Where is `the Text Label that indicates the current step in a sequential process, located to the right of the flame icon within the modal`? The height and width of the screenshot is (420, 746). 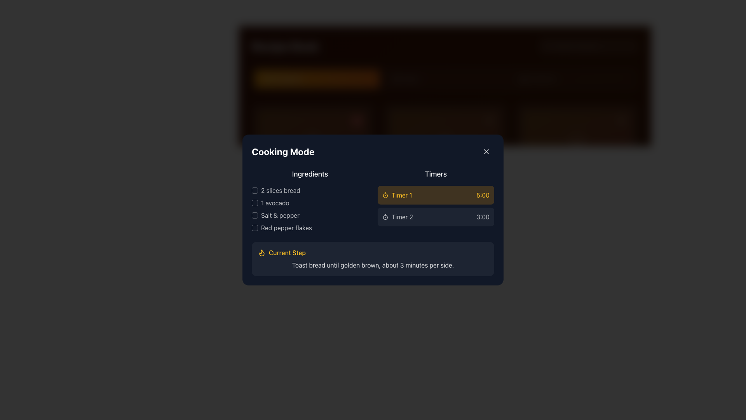
the Text Label that indicates the current step in a sequential process, located to the right of the flame icon within the modal is located at coordinates (287, 253).